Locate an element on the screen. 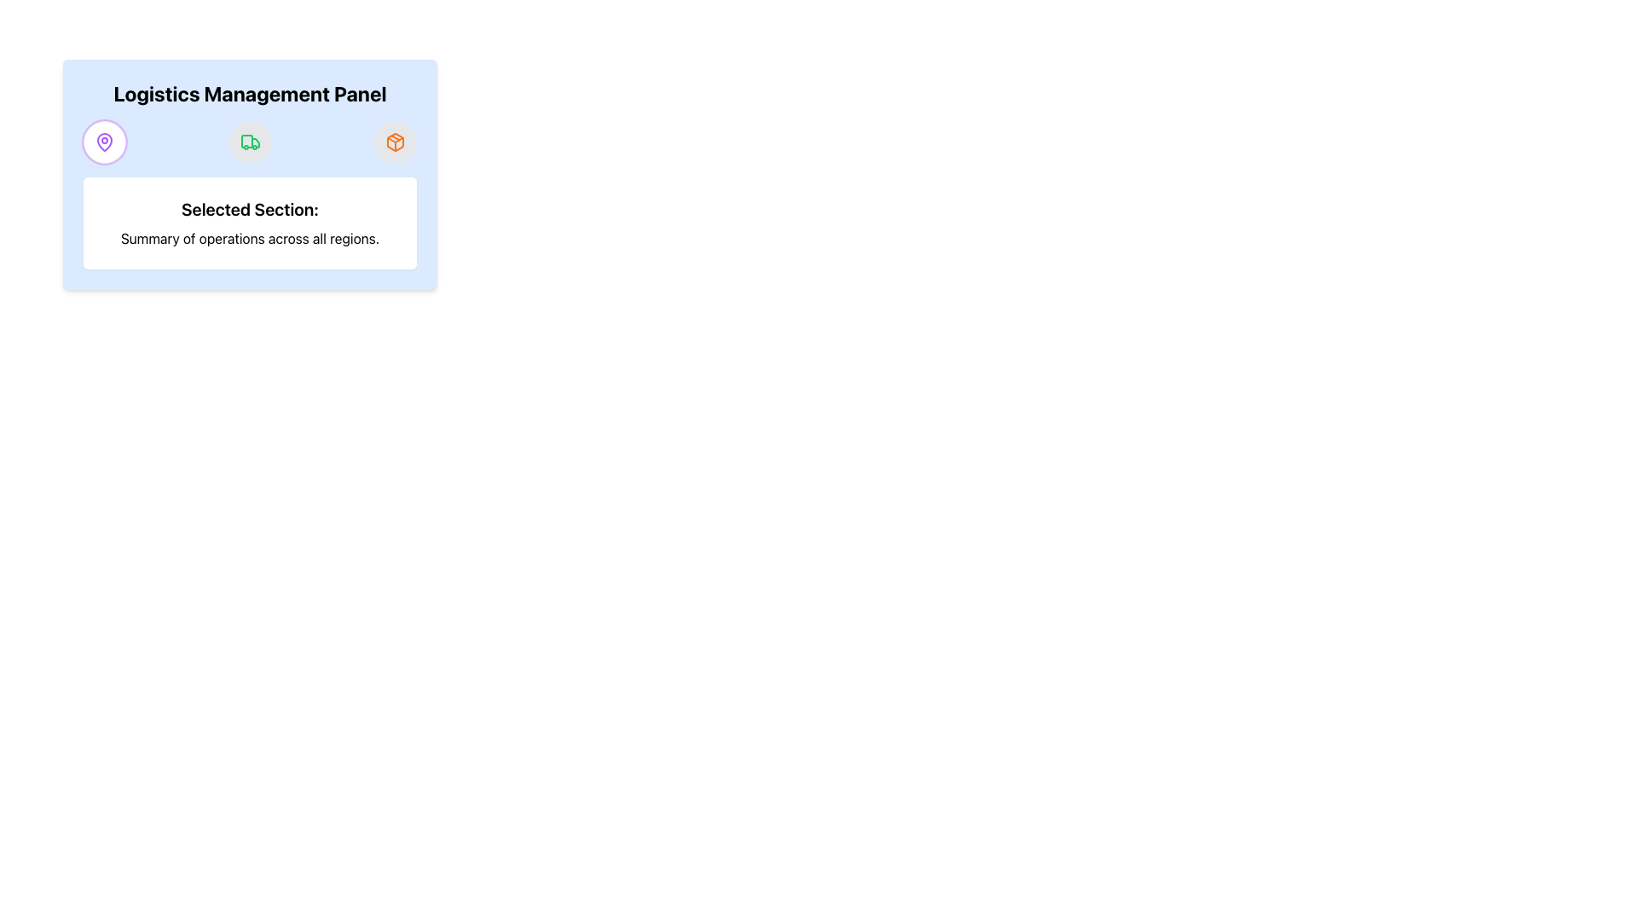 The image size is (1637, 921). the static informational text block displaying the title 'Selected Section:' and the context 'Summary of operations across all regions' in the Logistics Management Panel is located at coordinates (249, 223).